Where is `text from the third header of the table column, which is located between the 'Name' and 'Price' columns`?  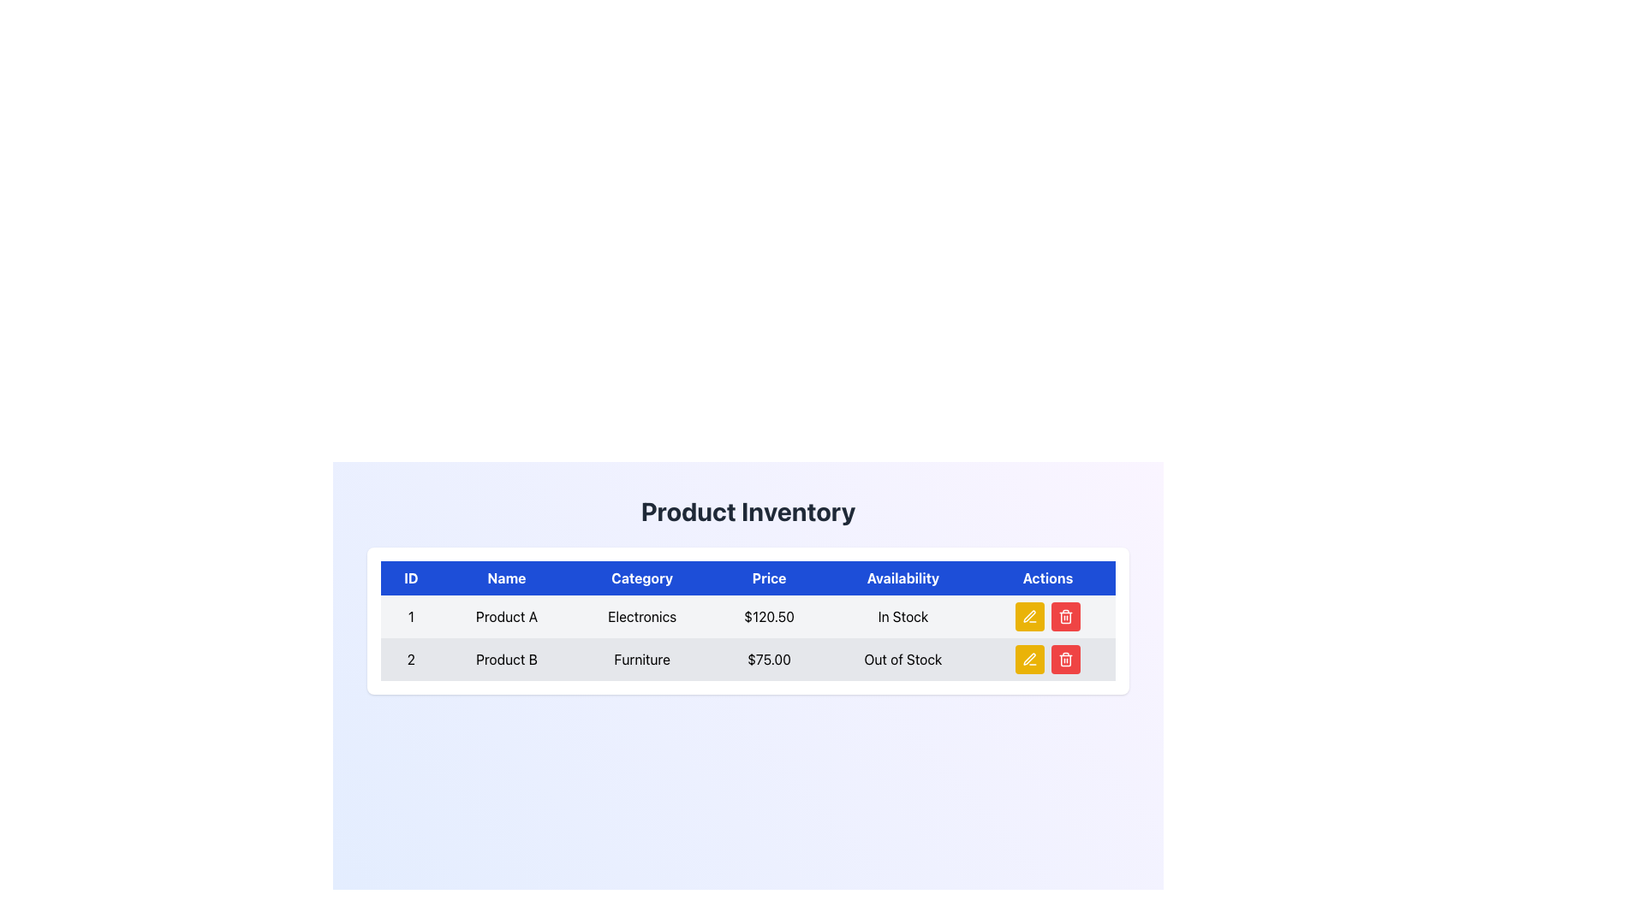
text from the third header of the table column, which is located between the 'Name' and 'Price' columns is located at coordinates (641, 577).